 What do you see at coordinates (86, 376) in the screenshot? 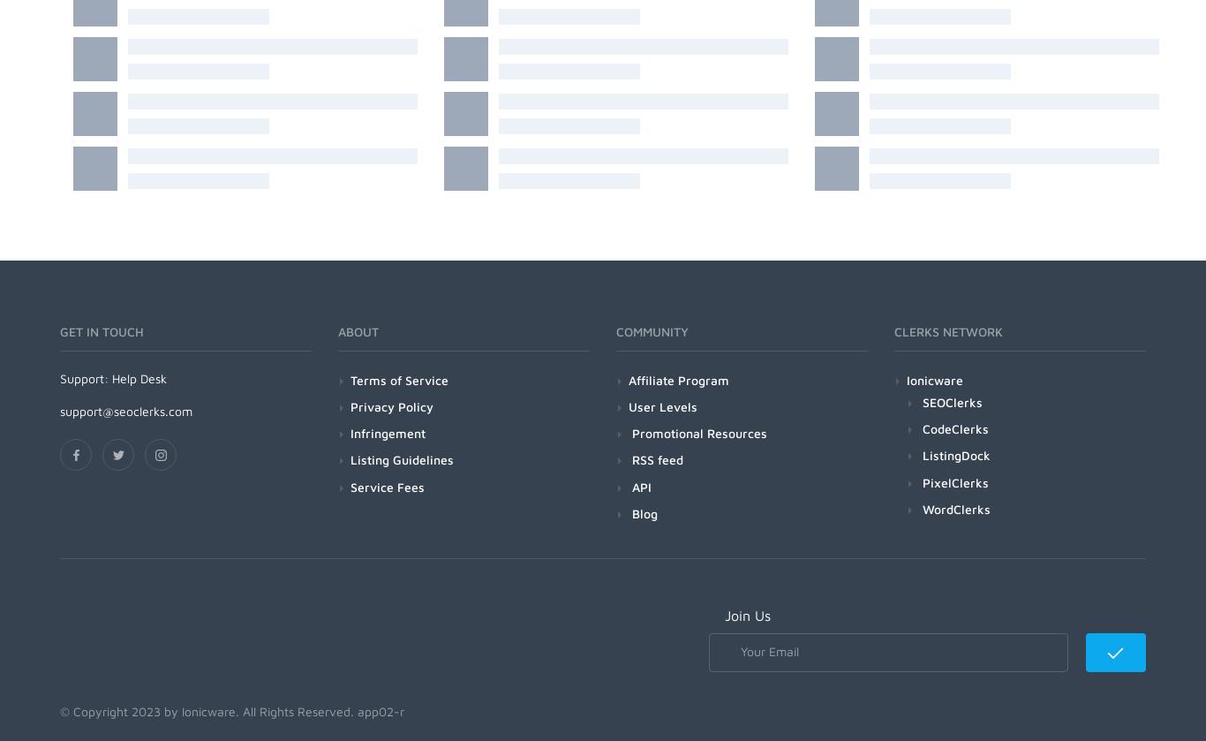
I see `'Support:'` at bounding box center [86, 376].